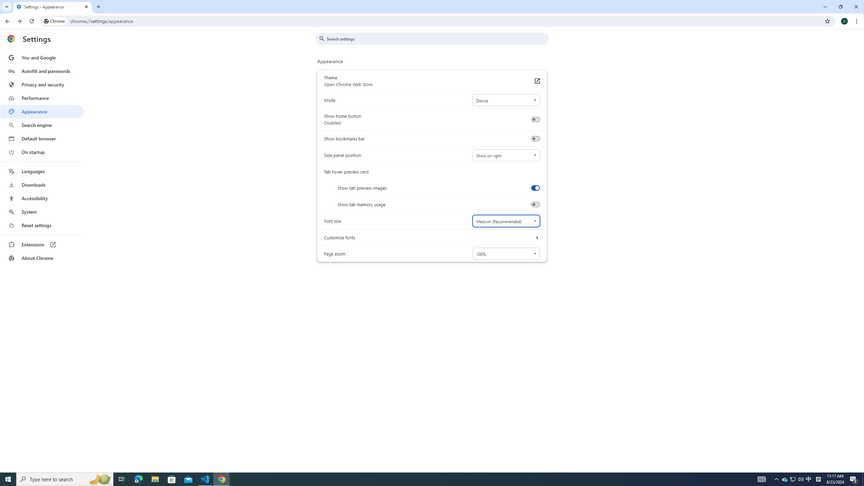 The height and width of the screenshot is (486, 864). What do you see at coordinates (42, 71) in the screenshot?
I see `'Autofill and passwords'` at bounding box center [42, 71].